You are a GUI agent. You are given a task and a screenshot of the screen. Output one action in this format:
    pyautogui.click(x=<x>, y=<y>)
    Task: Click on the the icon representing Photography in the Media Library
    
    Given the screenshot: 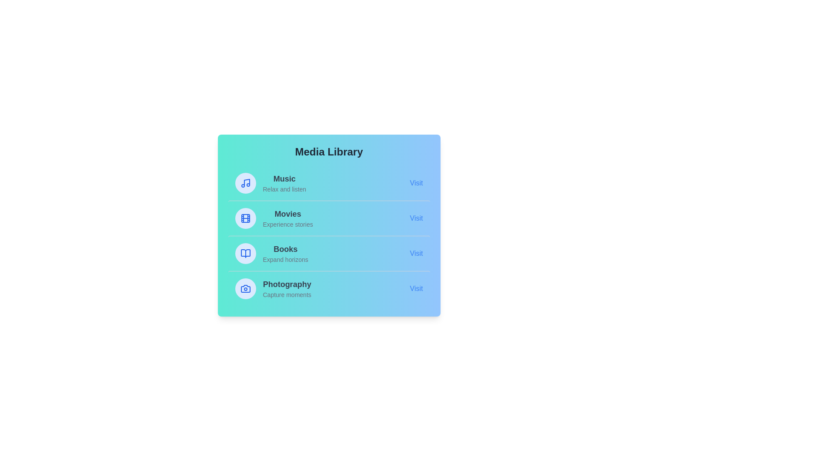 What is the action you would take?
    pyautogui.click(x=245, y=288)
    